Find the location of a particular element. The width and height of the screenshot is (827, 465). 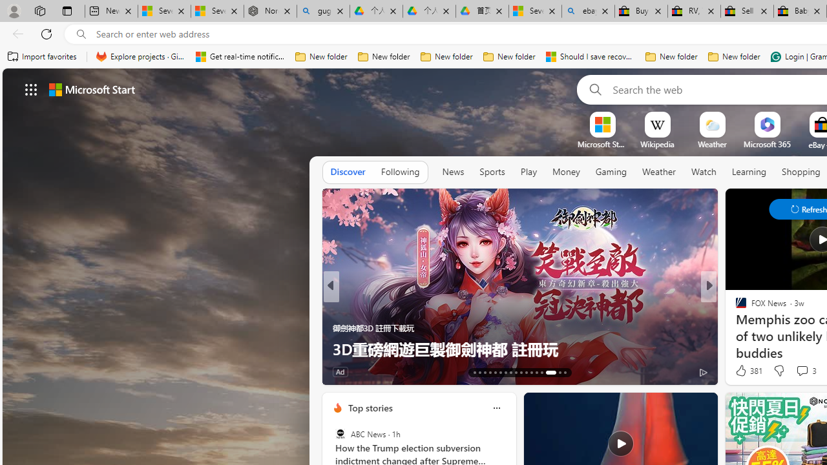

'Shopping' is located at coordinates (801, 171).